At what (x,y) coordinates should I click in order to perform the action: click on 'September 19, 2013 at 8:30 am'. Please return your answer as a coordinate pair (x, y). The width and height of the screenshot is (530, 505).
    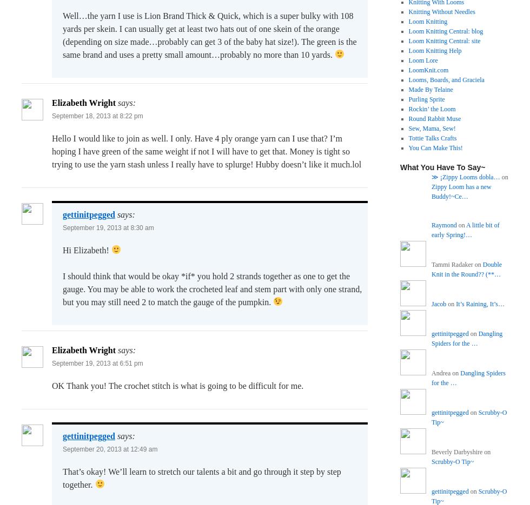
    Looking at the image, I should click on (108, 227).